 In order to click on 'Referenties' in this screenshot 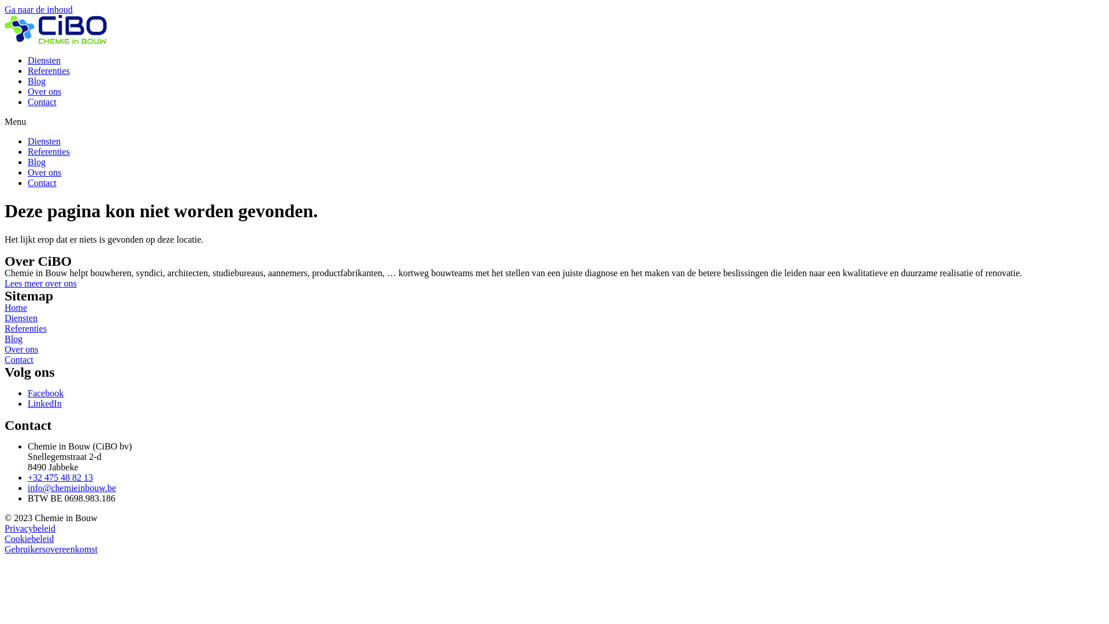, I will do `click(48, 151)`.